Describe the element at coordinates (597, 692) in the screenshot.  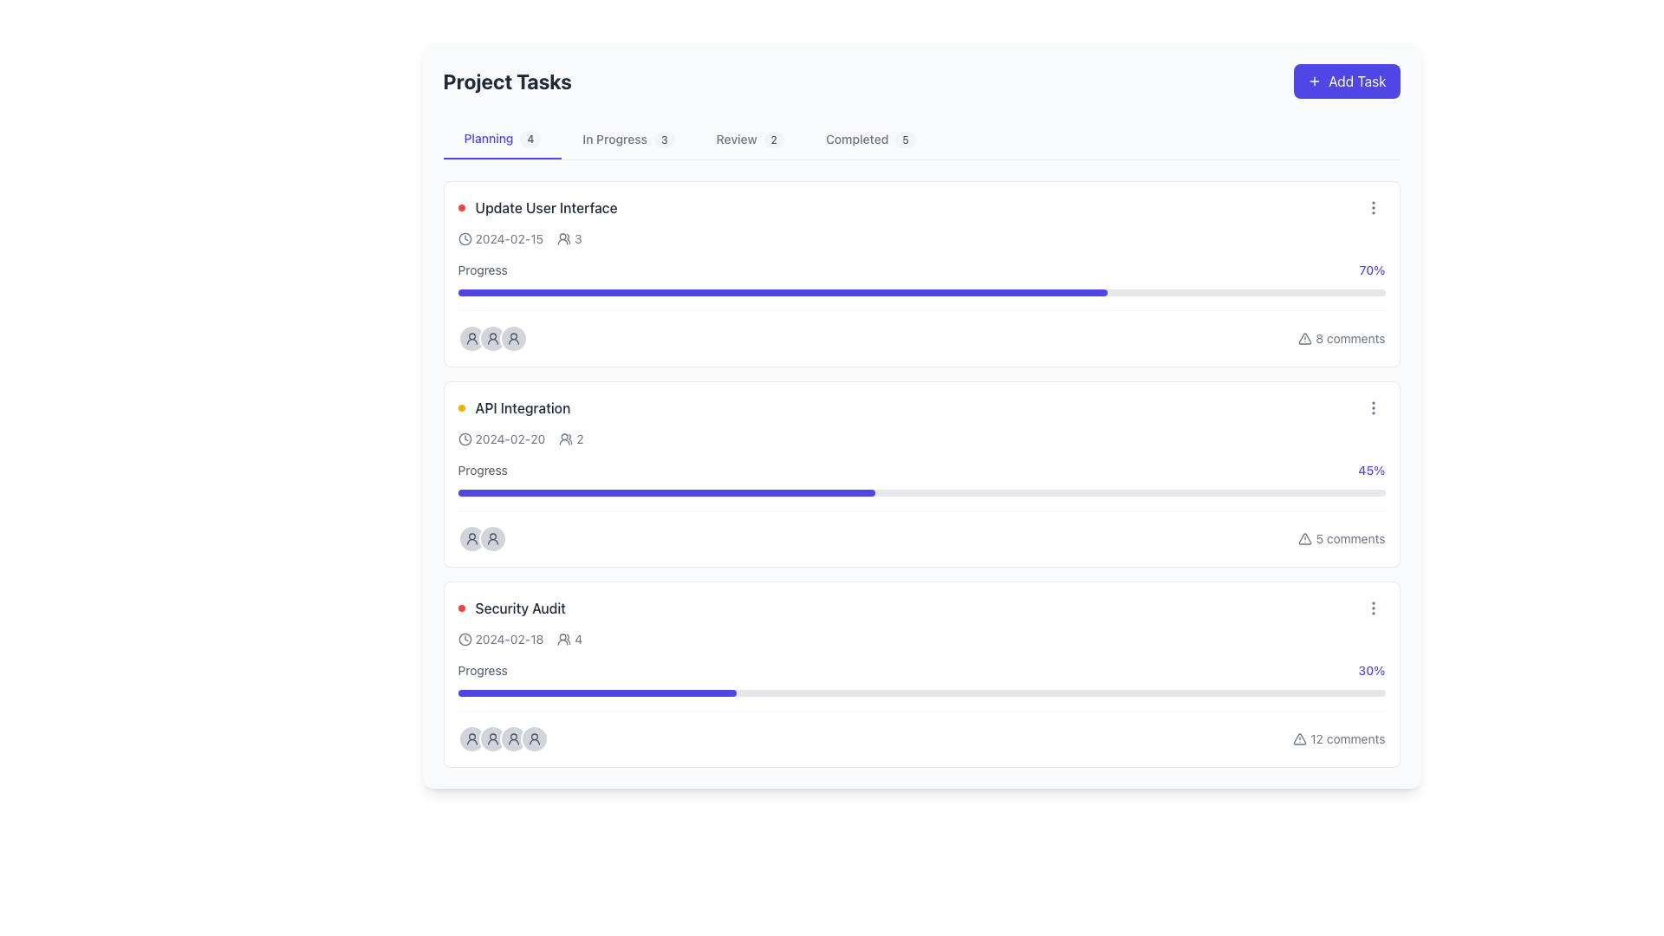
I see `the Progress indicator of the 'Security Audit' task to interact with it` at that location.